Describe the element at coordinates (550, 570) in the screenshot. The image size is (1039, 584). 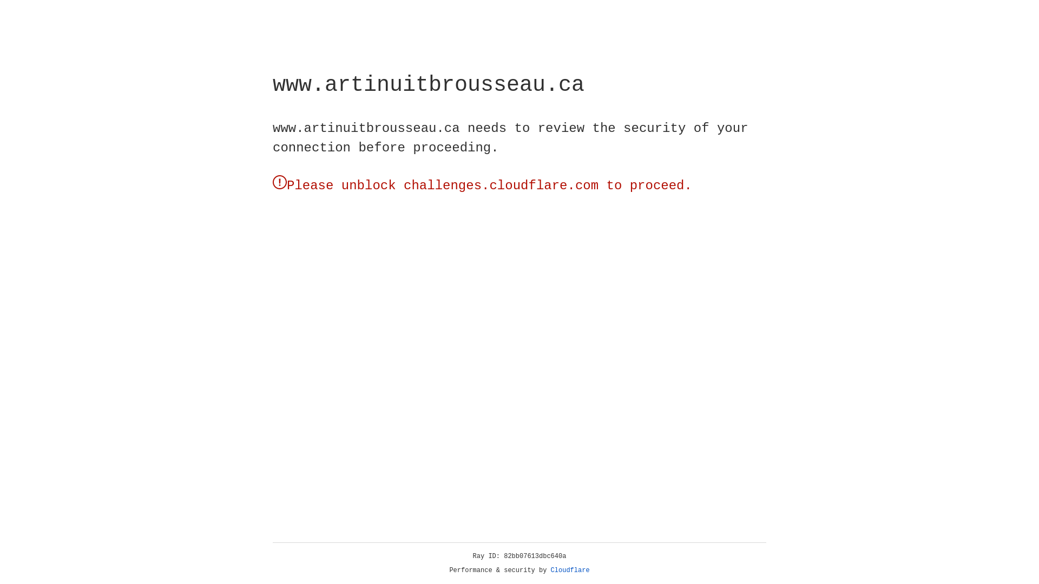
I see `'Cloudflare'` at that location.